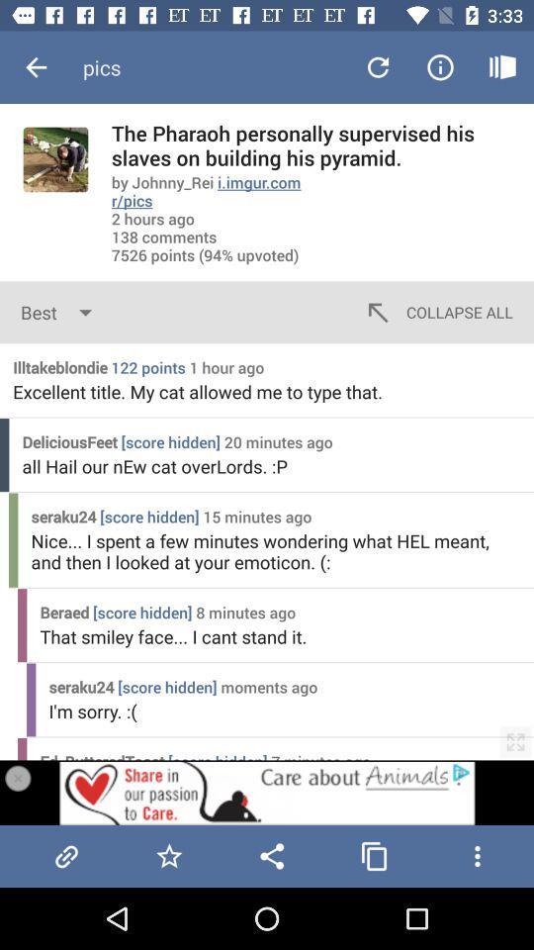  Describe the element at coordinates (169, 855) in the screenshot. I see `the star icon` at that location.